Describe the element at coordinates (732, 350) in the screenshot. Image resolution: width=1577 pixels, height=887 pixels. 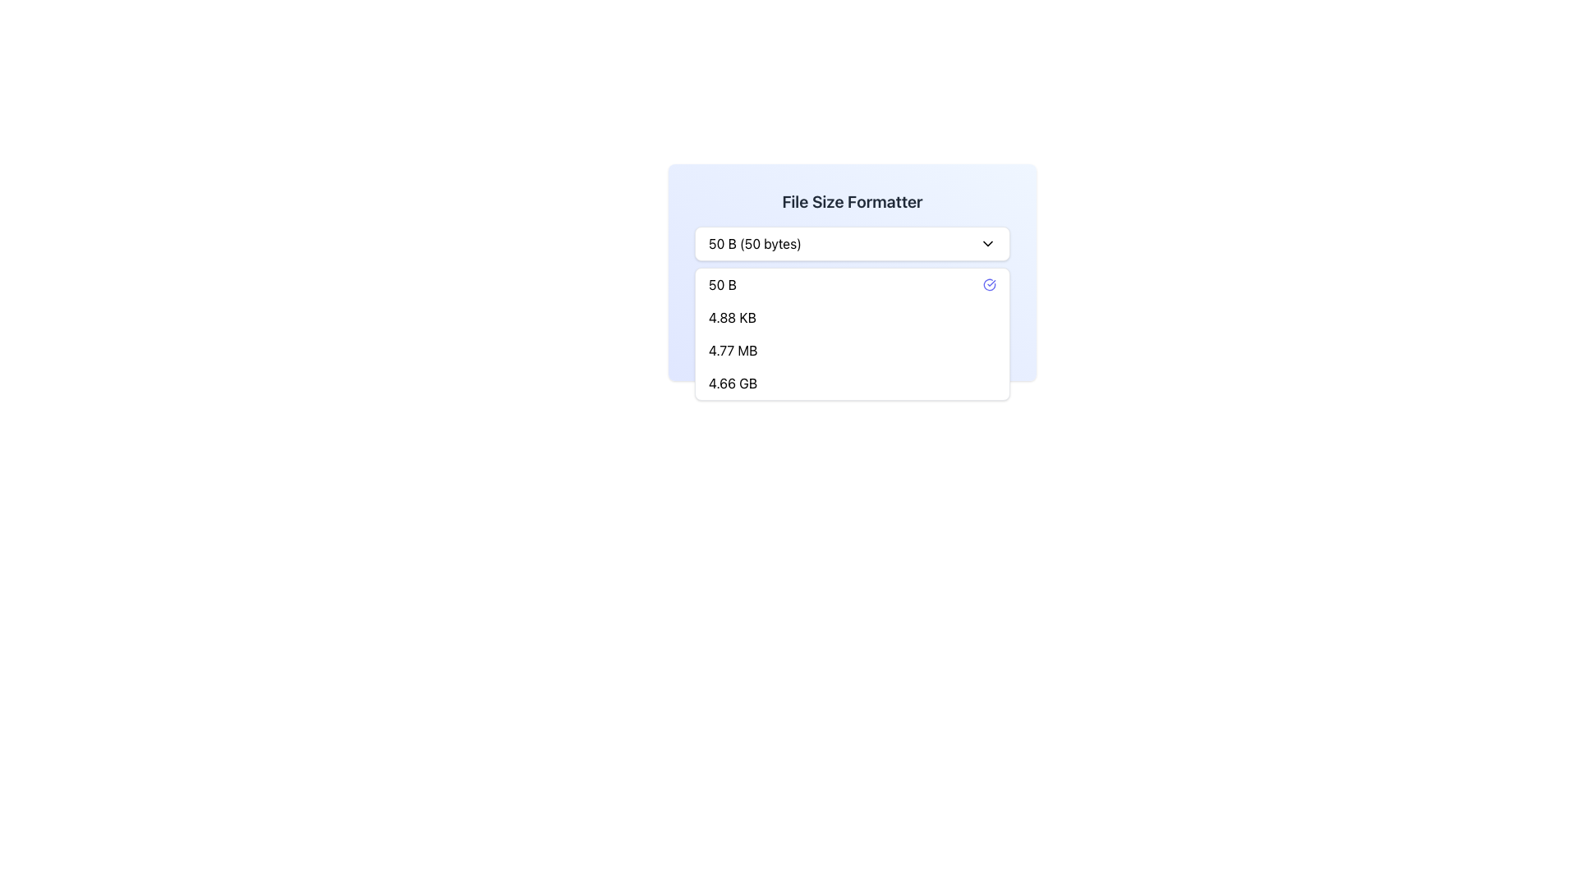
I see `the third item in the 'File Size Formatter' dropdown menu` at that location.